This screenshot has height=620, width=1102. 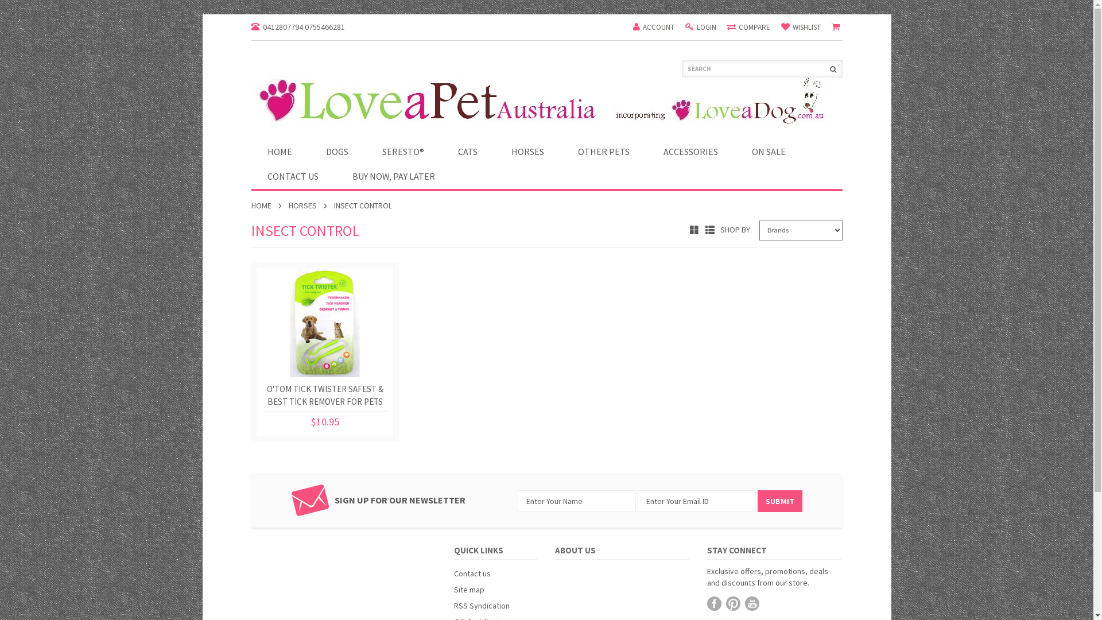 I want to click on 'LOGIN', so click(x=700, y=26).